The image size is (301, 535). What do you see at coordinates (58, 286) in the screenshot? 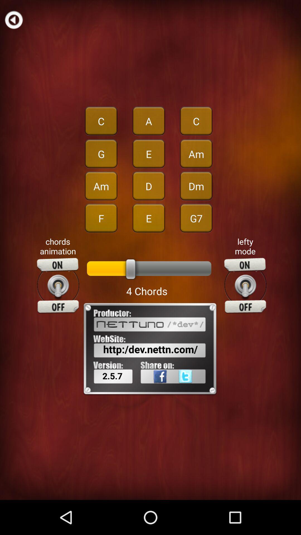
I see `switch on/off` at bounding box center [58, 286].